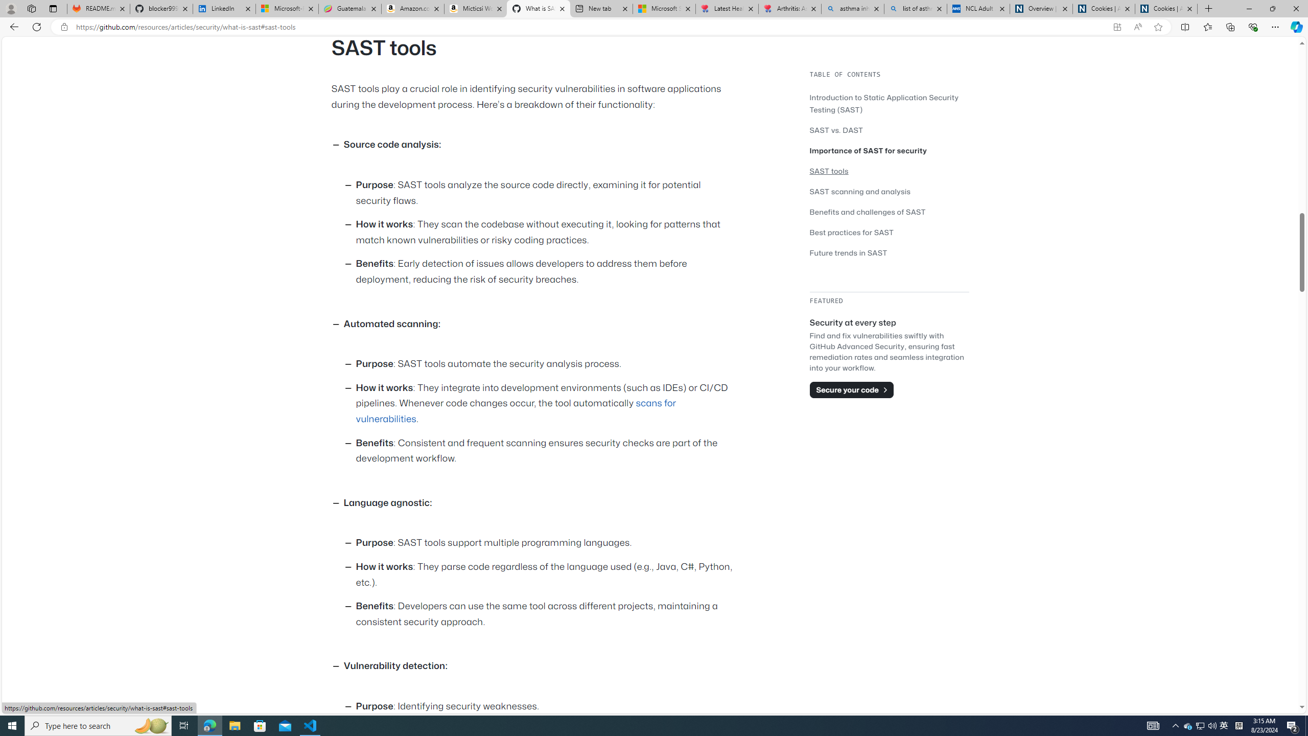 This screenshot has width=1308, height=736. Describe the element at coordinates (889, 170) in the screenshot. I see `'SAST tools'` at that location.